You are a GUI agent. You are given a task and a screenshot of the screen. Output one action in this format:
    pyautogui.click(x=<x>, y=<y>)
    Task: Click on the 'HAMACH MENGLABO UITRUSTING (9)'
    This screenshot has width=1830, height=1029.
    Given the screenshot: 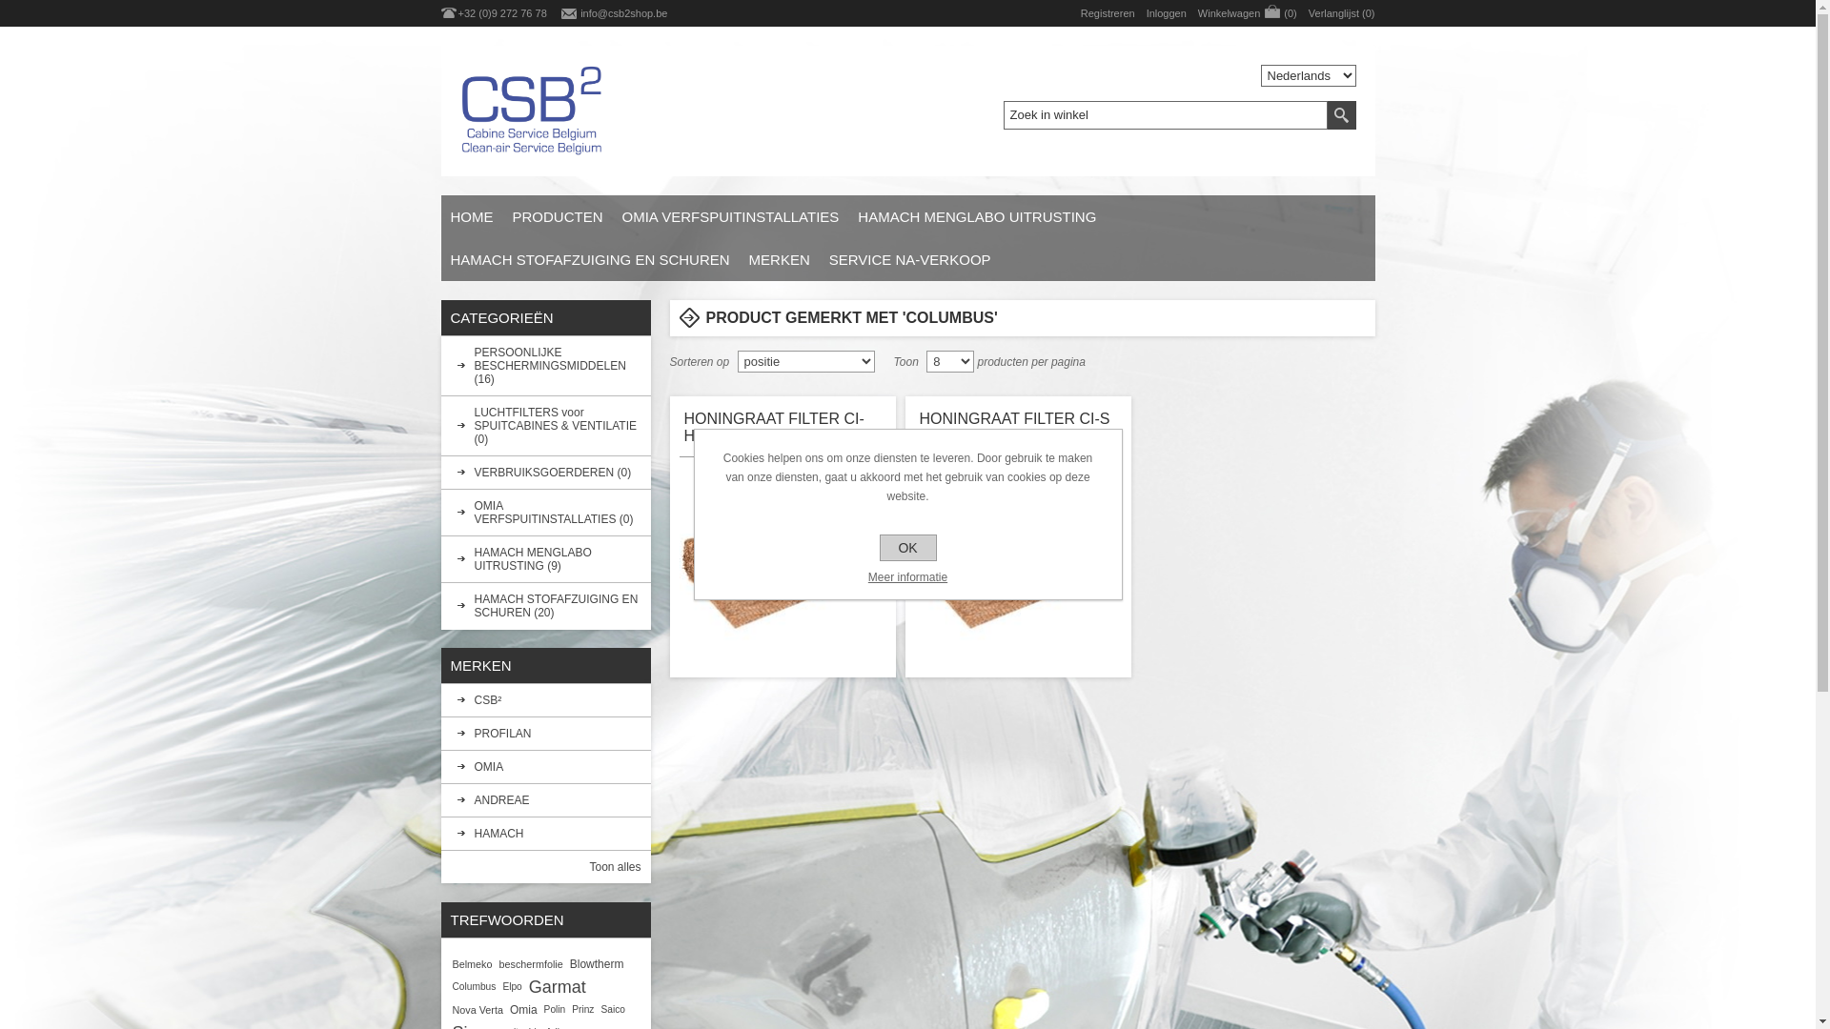 What is the action you would take?
    pyautogui.click(x=438, y=557)
    